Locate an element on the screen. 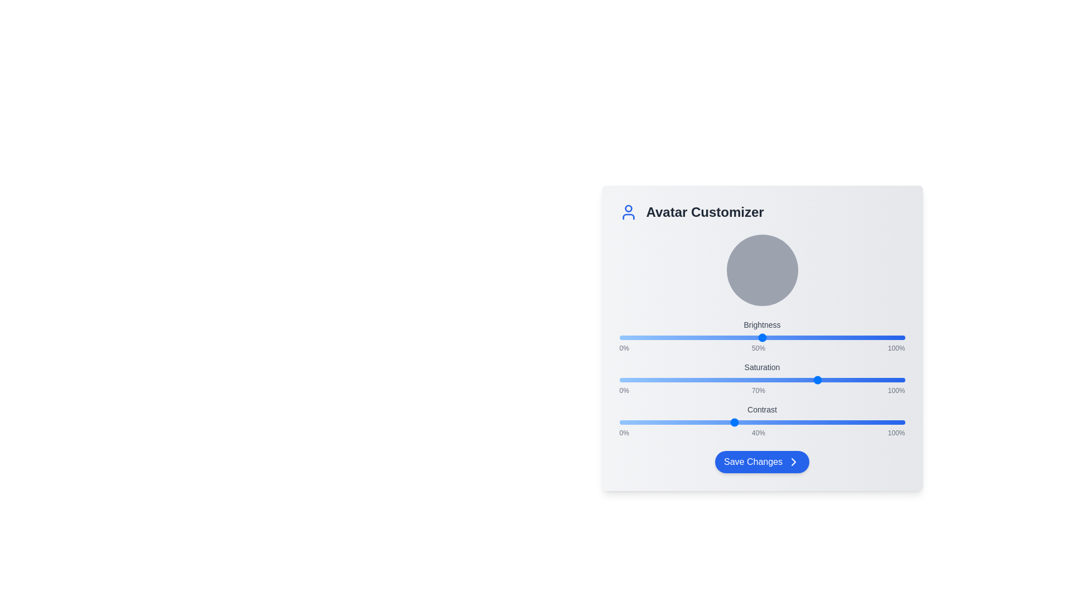  the contrast slider to 79% is located at coordinates (845, 423).